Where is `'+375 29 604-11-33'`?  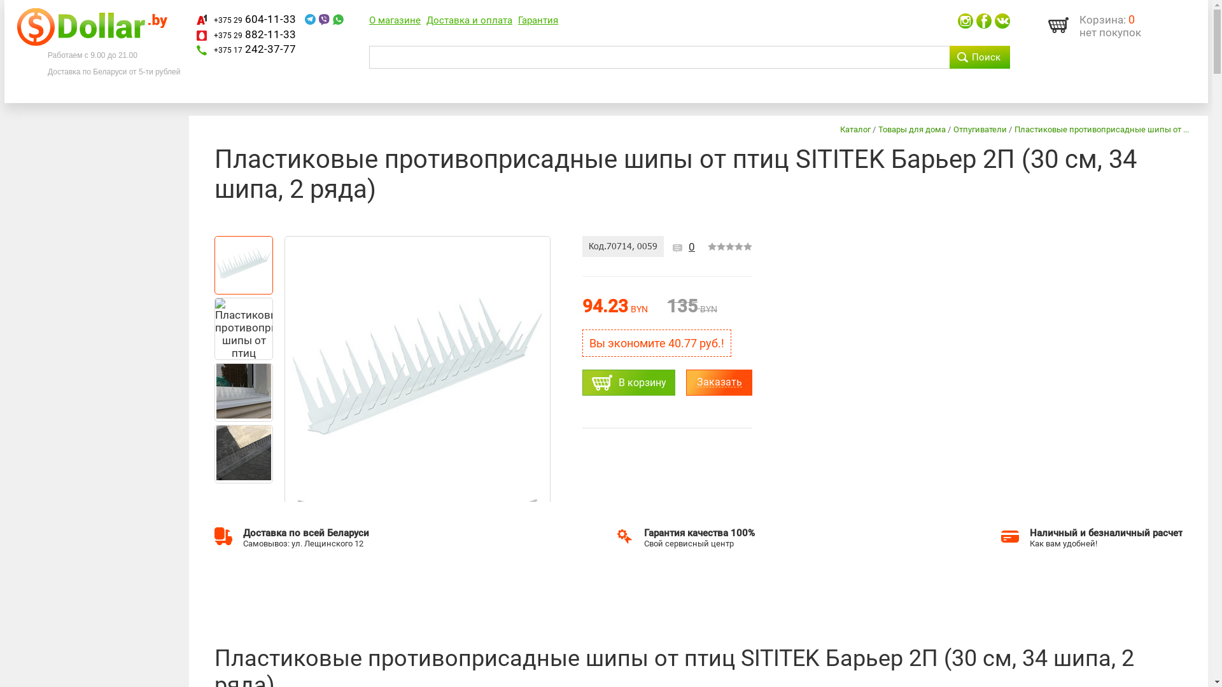 '+375 29 604-11-33' is located at coordinates (255, 19).